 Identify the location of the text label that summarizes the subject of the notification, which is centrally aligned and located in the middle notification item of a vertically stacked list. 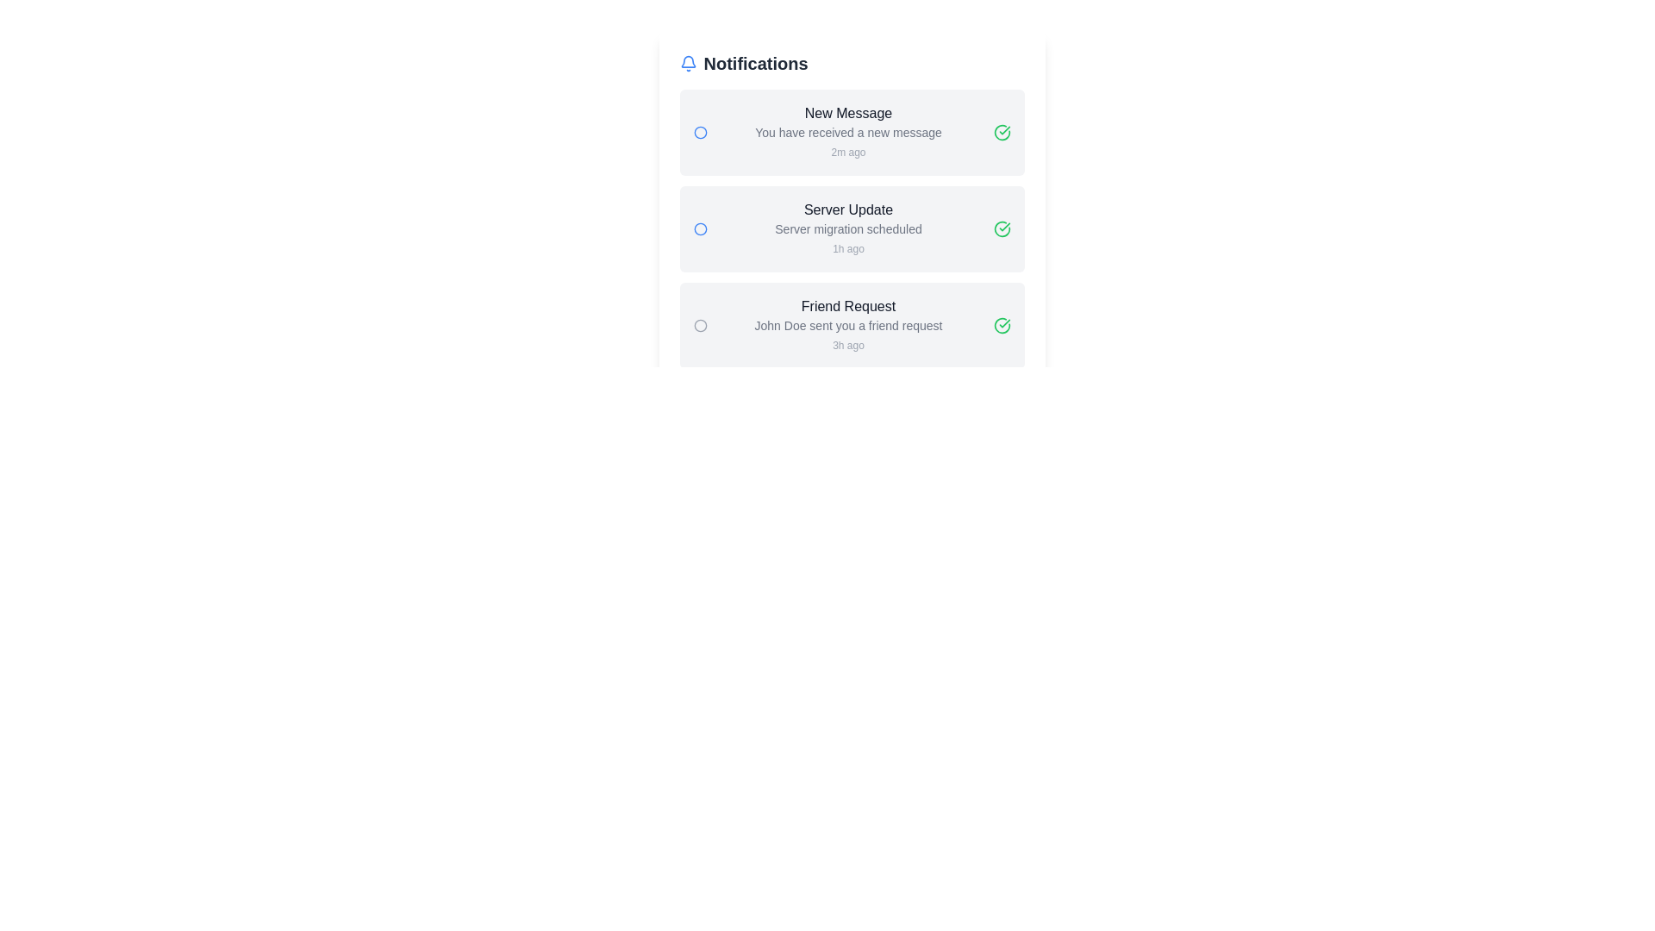
(848, 209).